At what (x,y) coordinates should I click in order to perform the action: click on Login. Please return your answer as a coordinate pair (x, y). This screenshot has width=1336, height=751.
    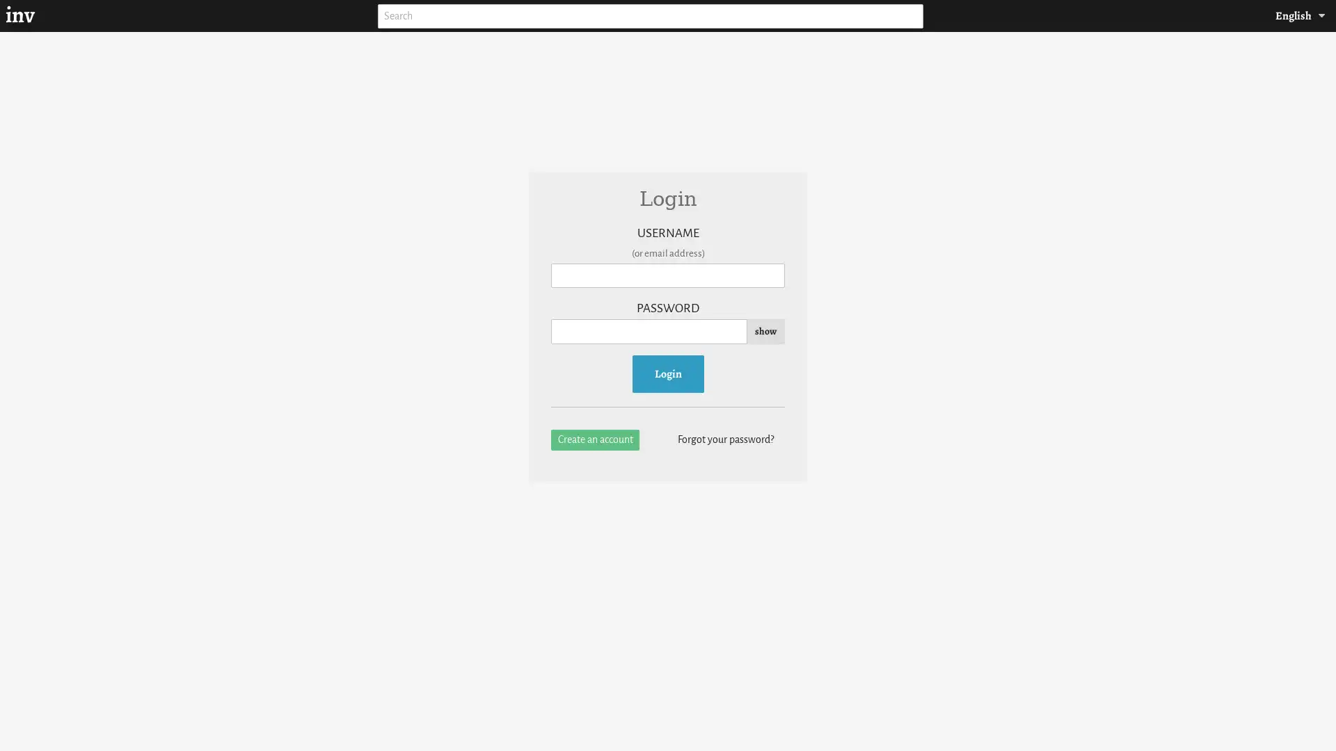
    Looking at the image, I should click on (667, 373).